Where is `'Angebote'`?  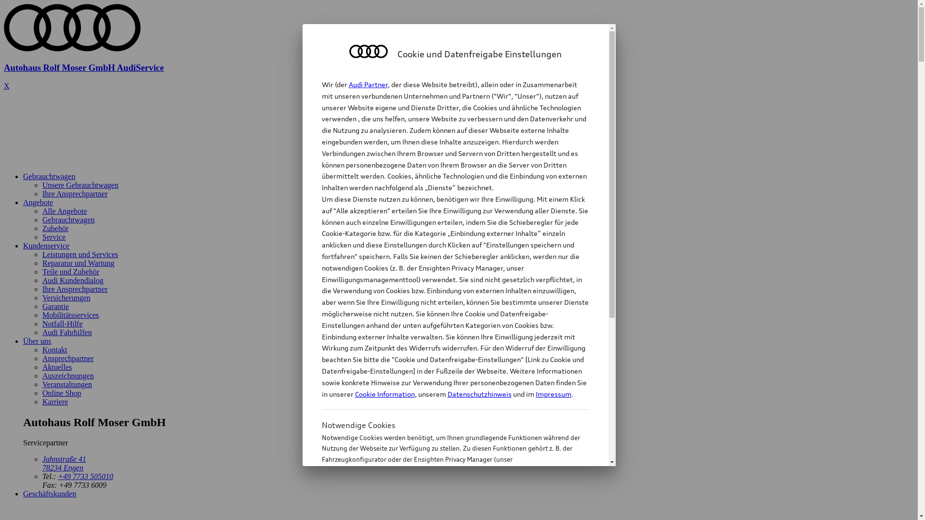
'Angebote' is located at coordinates (23, 202).